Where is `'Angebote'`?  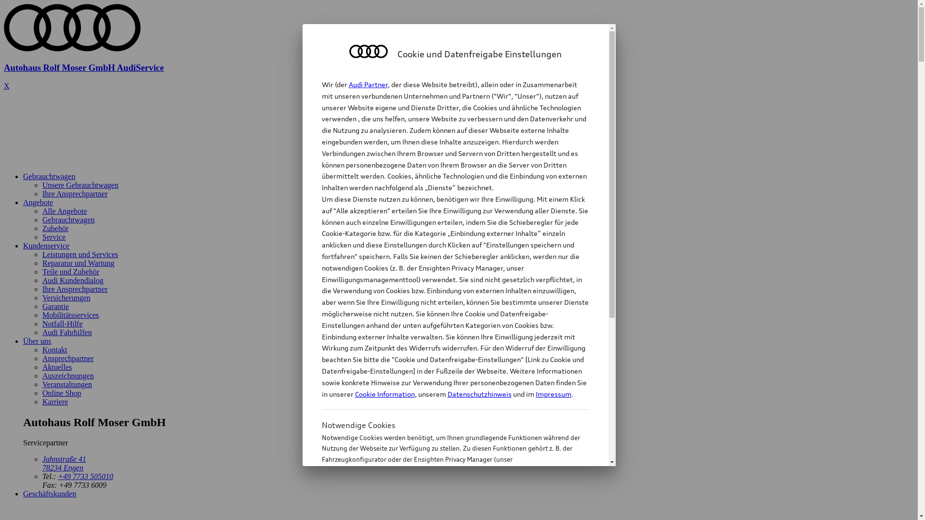
'Angebote' is located at coordinates (23, 202).